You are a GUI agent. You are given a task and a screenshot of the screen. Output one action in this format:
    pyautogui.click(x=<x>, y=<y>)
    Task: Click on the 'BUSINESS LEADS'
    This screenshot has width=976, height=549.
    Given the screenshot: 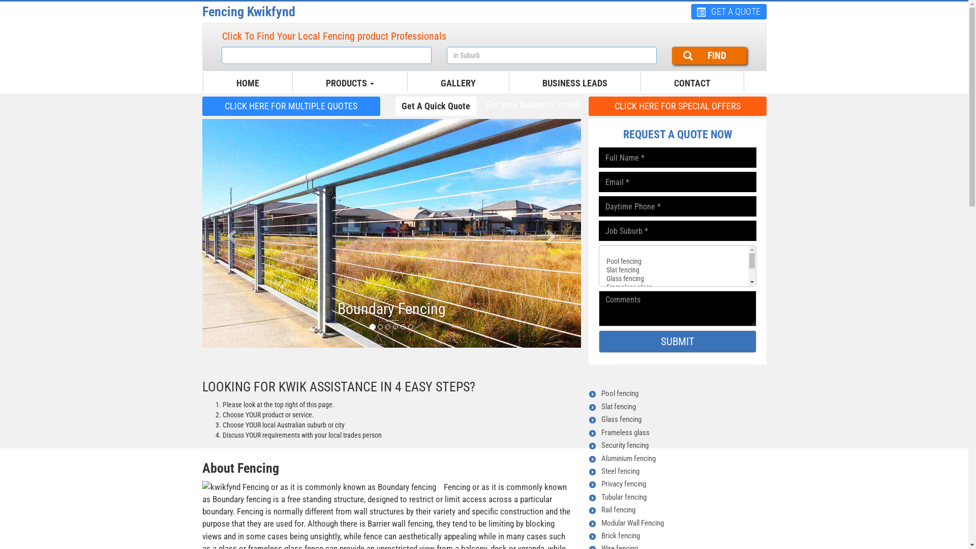 What is the action you would take?
    pyautogui.click(x=575, y=83)
    